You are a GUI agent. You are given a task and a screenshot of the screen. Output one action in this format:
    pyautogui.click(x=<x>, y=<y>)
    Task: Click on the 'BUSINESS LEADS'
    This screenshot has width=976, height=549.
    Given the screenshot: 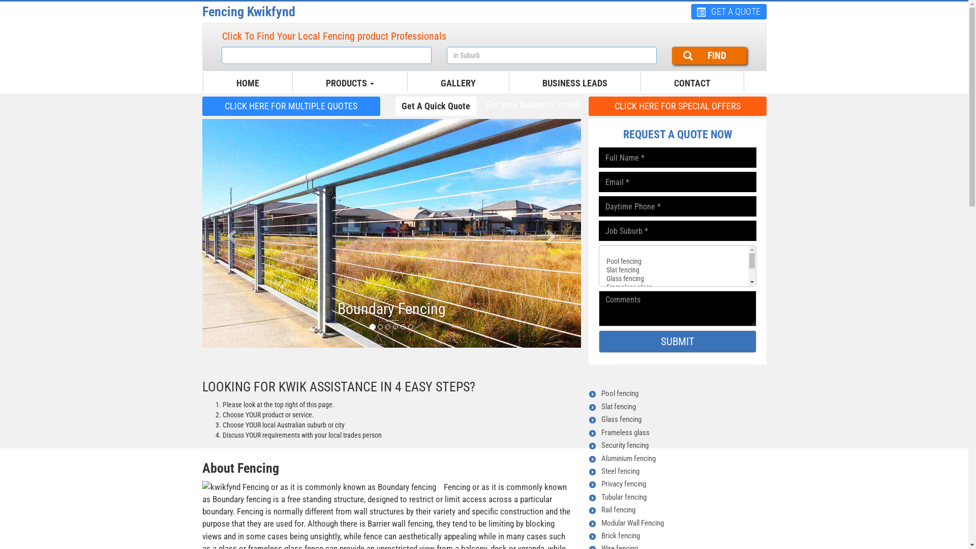 What is the action you would take?
    pyautogui.click(x=575, y=83)
    